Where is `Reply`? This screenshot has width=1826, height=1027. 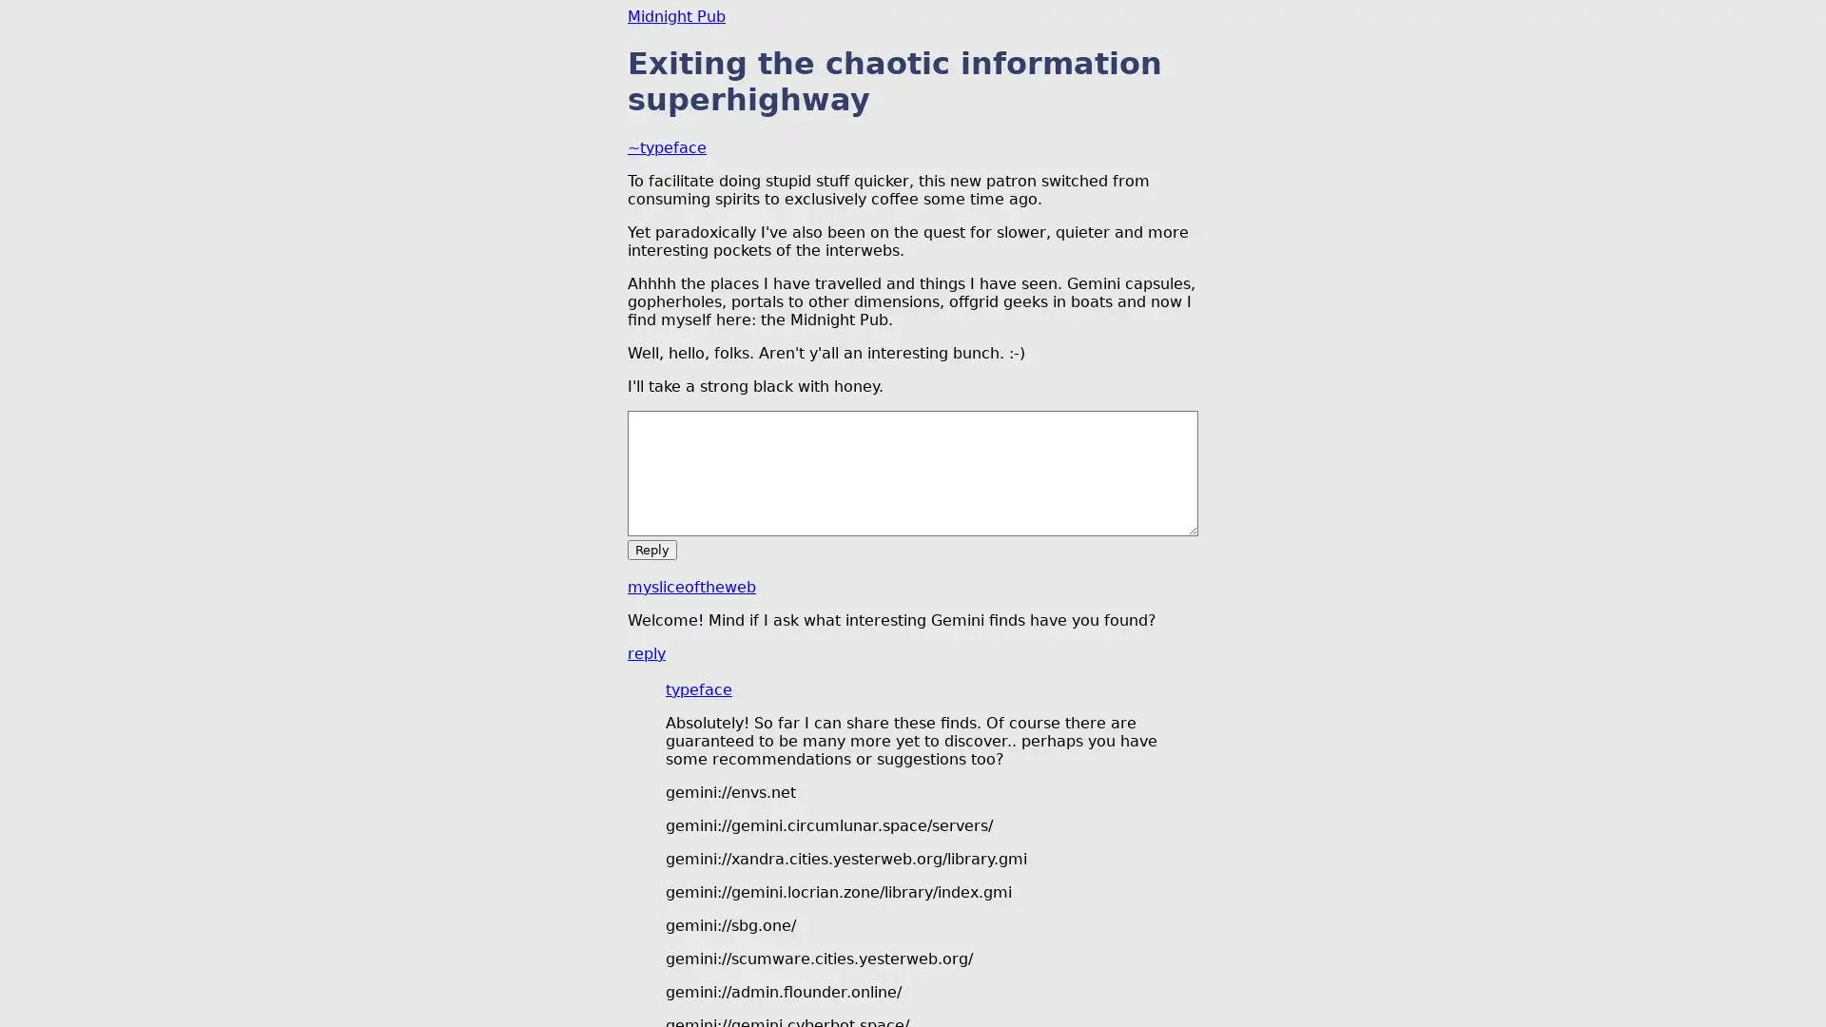
Reply is located at coordinates (652, 549).